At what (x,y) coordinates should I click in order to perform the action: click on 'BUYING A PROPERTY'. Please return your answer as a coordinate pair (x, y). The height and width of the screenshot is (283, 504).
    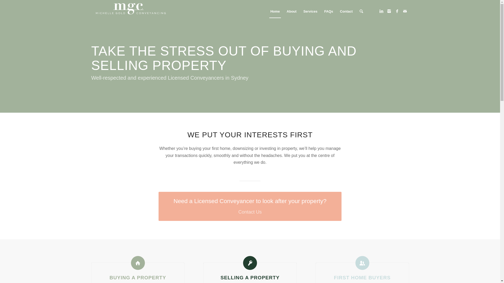
    Looking at the image, I should click on (138, 277).